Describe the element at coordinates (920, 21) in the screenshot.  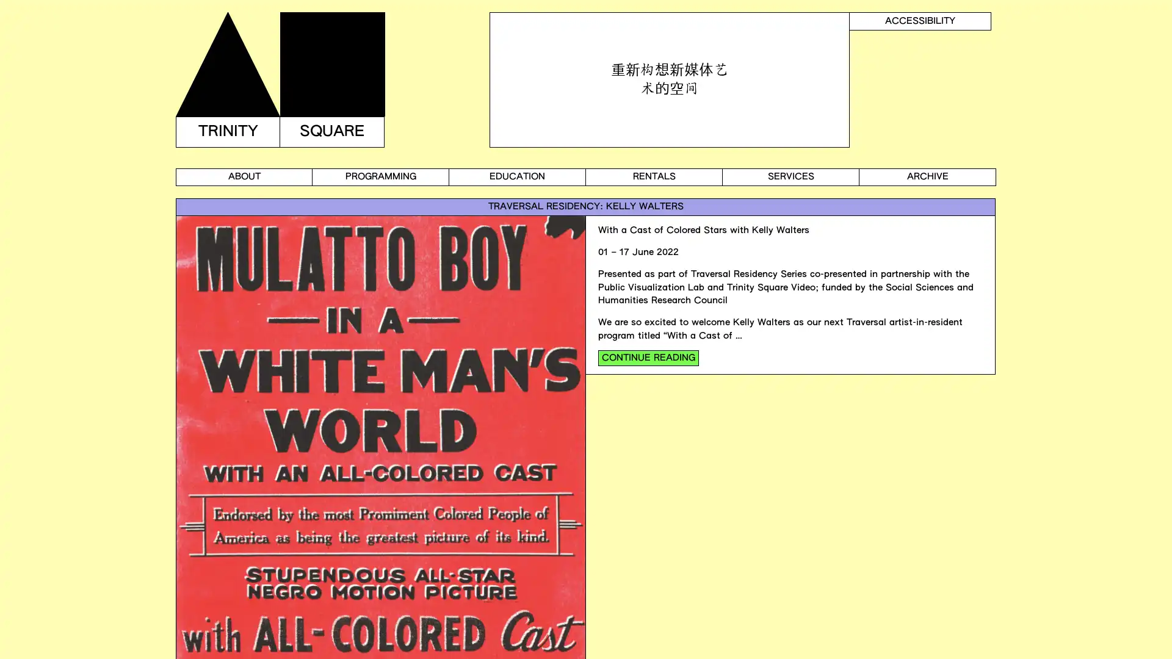
I see `Accessibility menu, here you can adjust font size or desaturate page` at that location.